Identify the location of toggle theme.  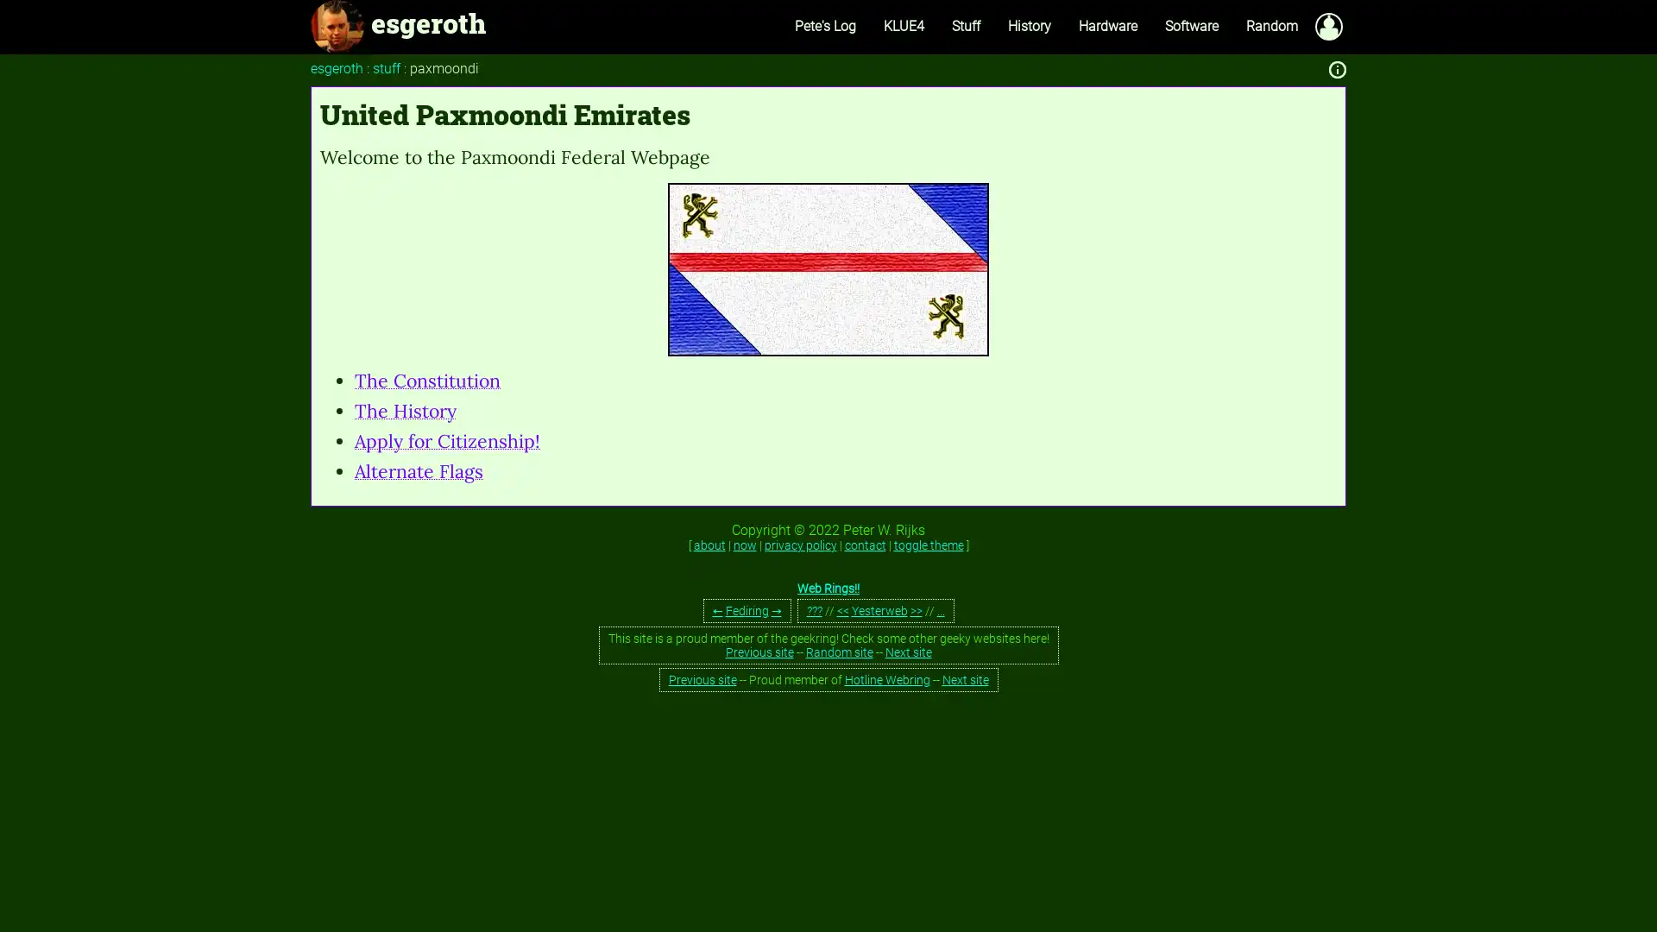
(927, 545).